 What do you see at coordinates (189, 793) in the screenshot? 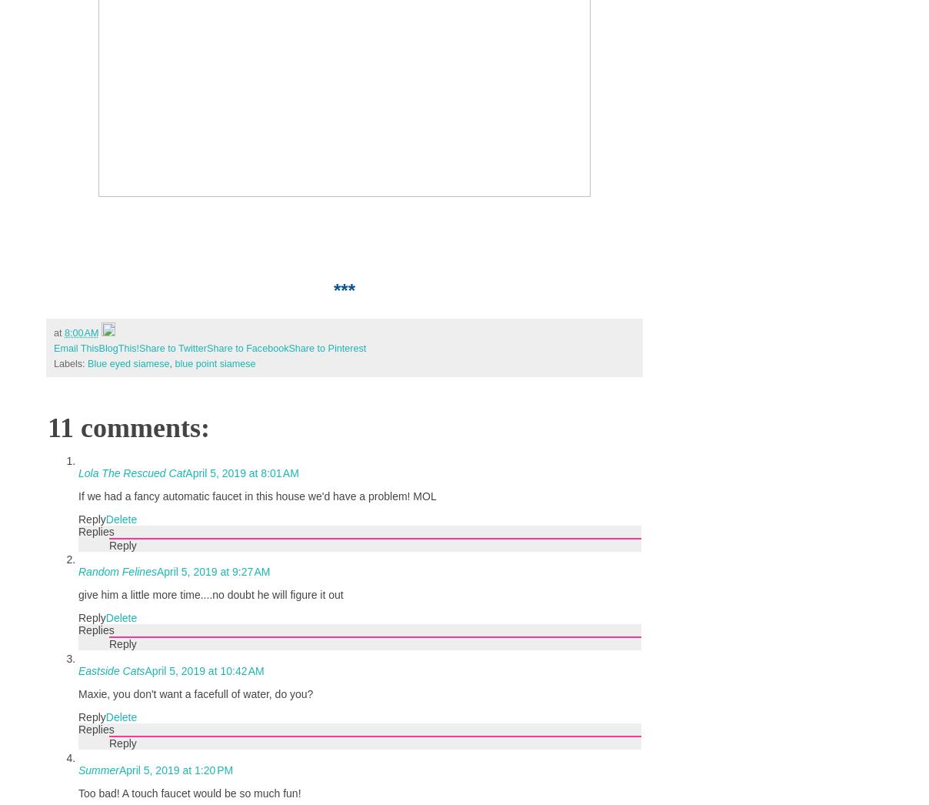
I see `'Too bad! A touch faucet would be so much fun!'` at bounding box center [189, 793].